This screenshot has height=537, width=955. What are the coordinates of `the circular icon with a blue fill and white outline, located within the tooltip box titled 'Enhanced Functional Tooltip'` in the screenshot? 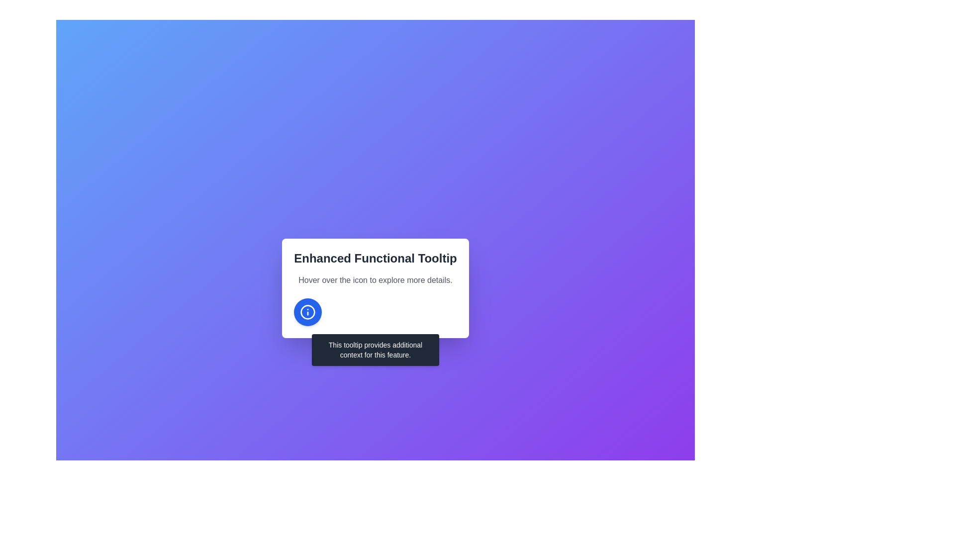 It's located at (307, 312).